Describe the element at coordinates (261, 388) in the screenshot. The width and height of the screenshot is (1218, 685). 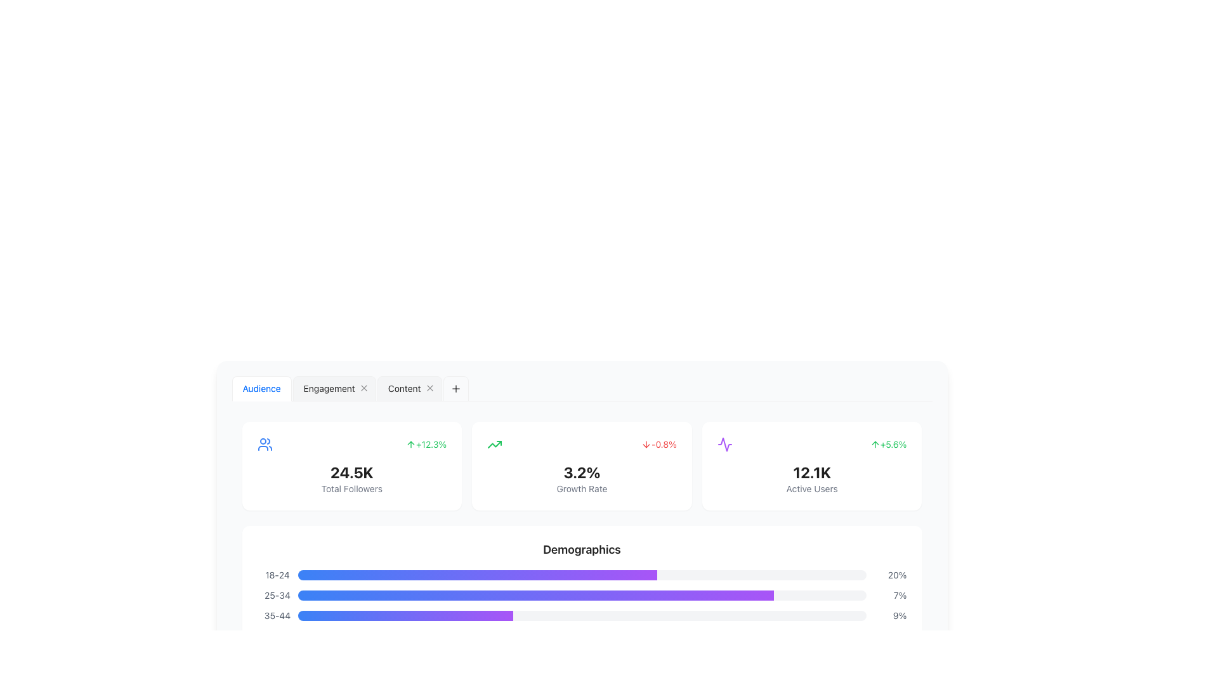
I see `the 'Audience' tab, which is a clickable text label in blue font` at that location.